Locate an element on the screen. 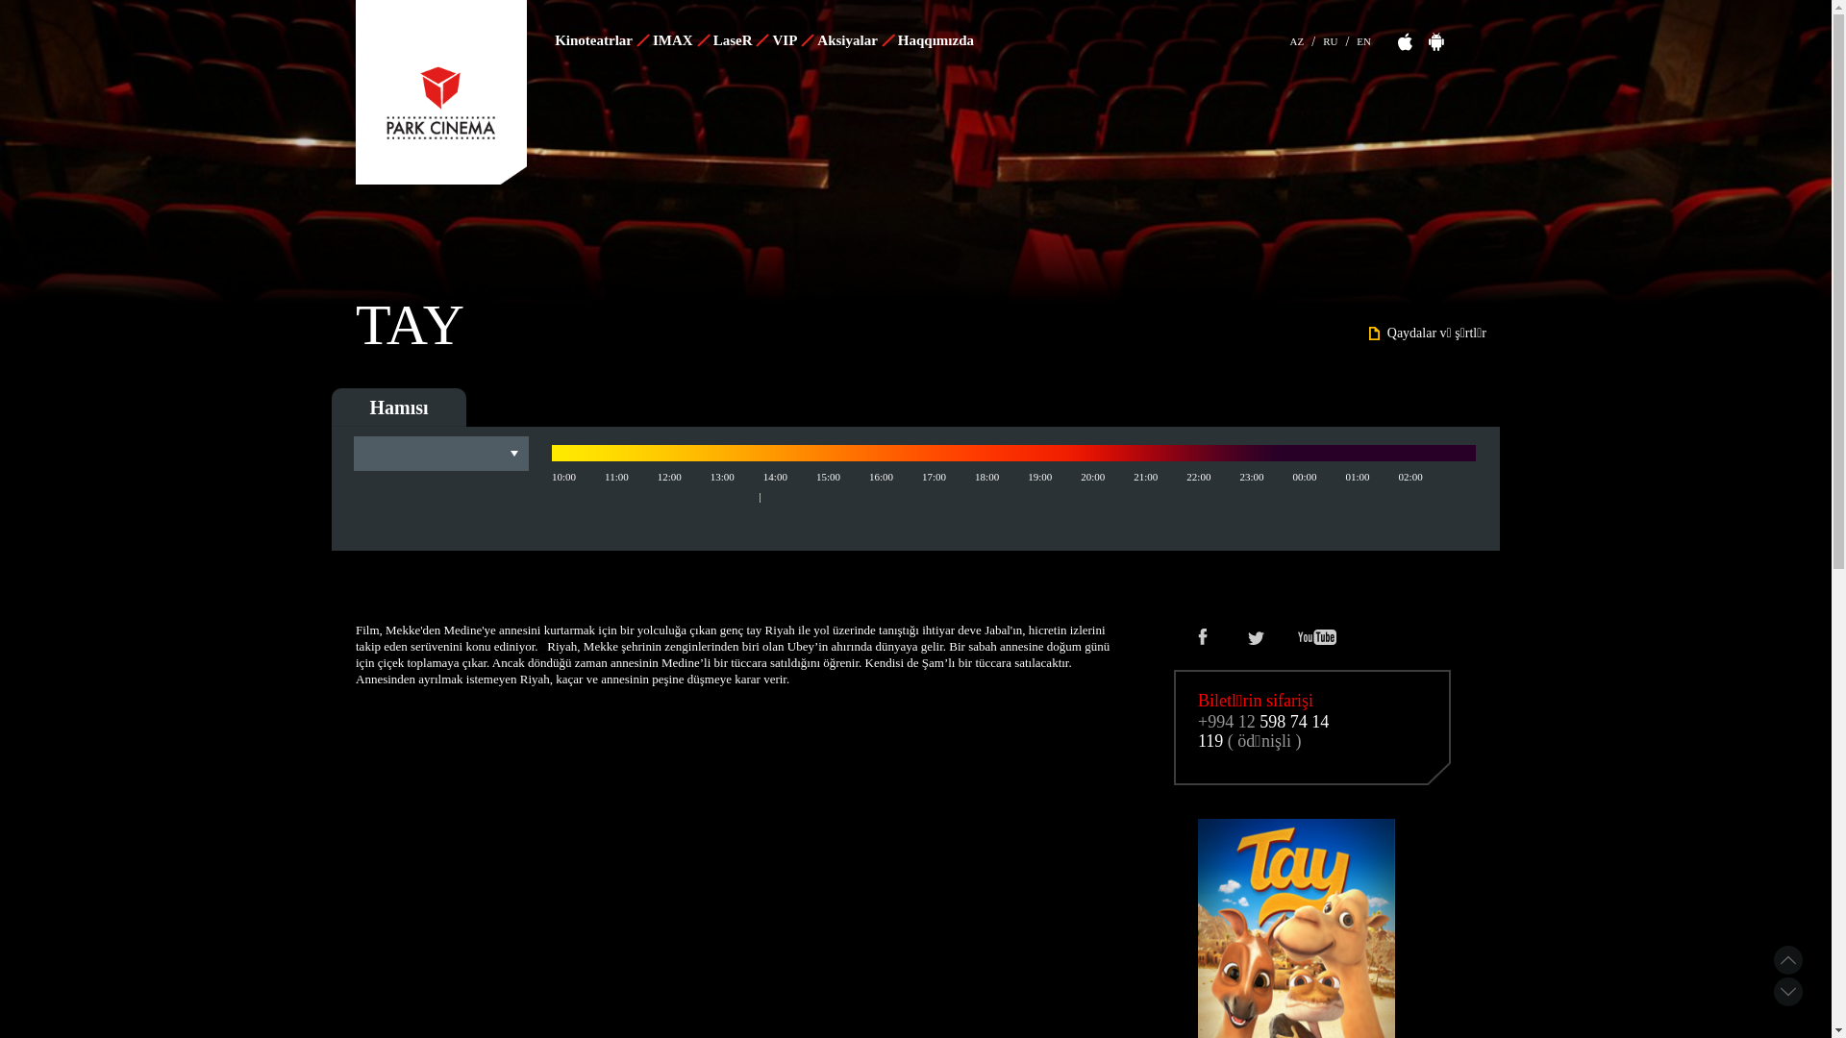 This screenshot has height=1038, width=1846. 'RU' is located at coordinates (1329, 38).